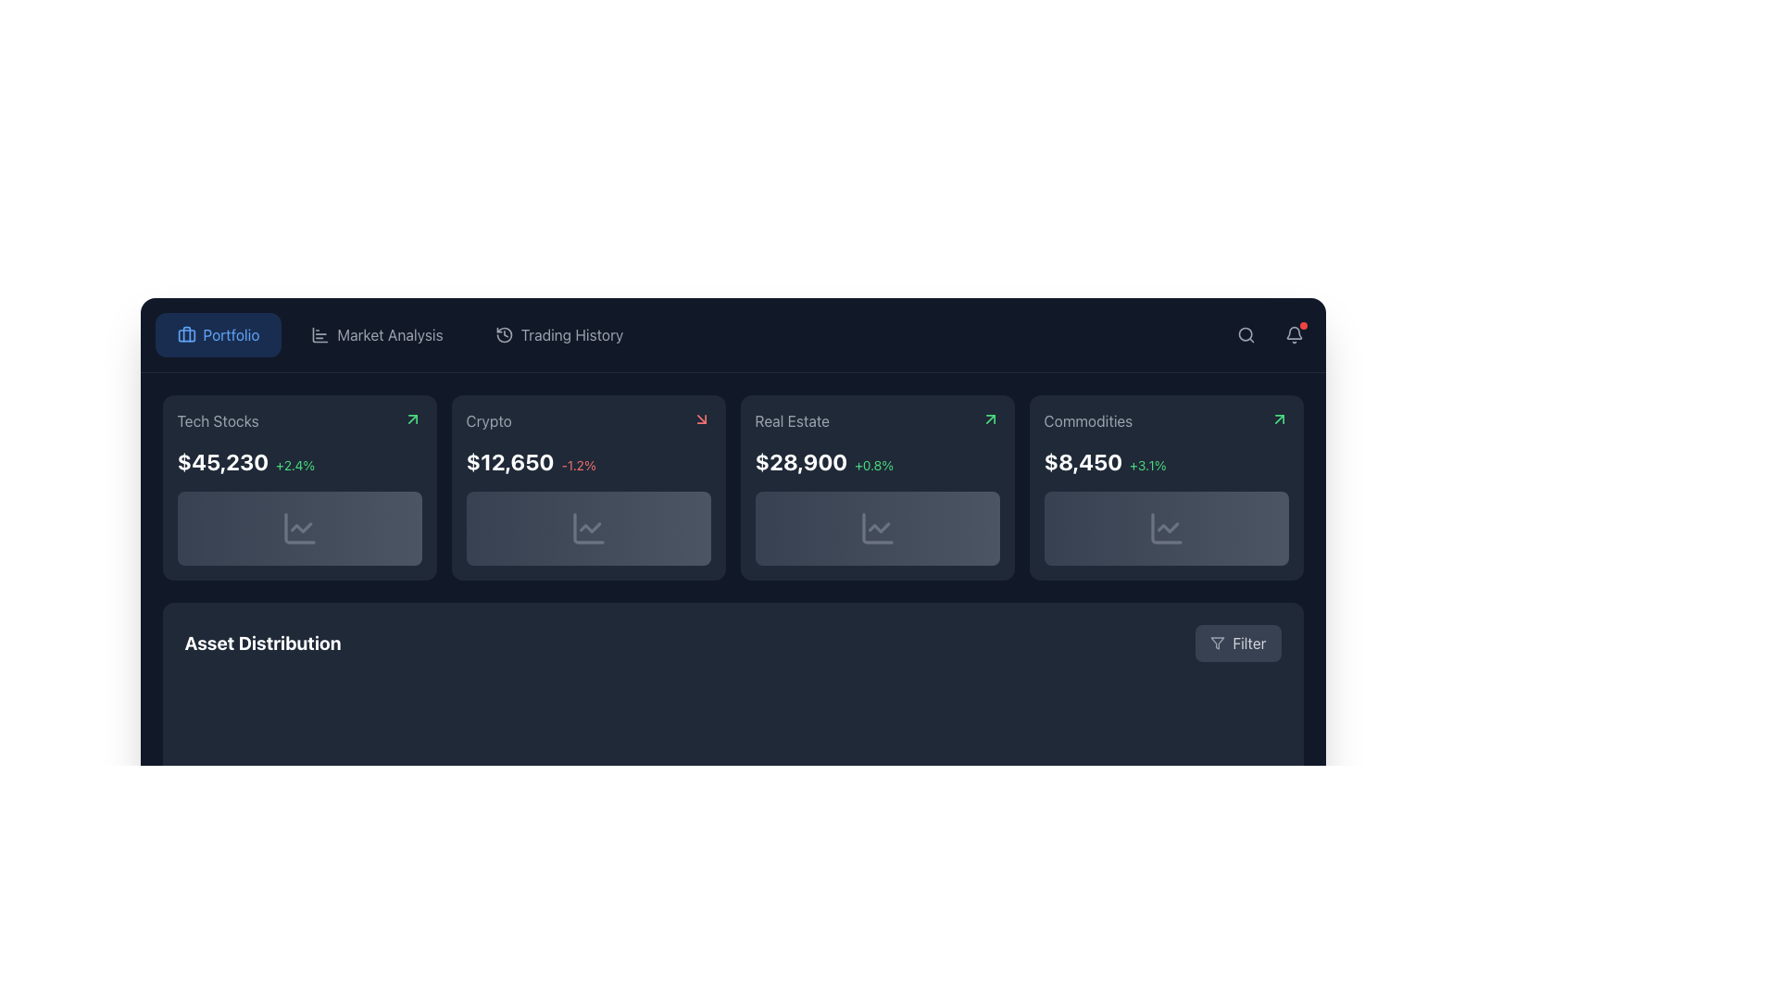 The width and height of the screenshot is (1778, 1000). Describe the element at coordinates (801, 460) in the screenshot. I see `the static text label displaying the value of $28,900 in the 'Real Estate' panel` at that location.